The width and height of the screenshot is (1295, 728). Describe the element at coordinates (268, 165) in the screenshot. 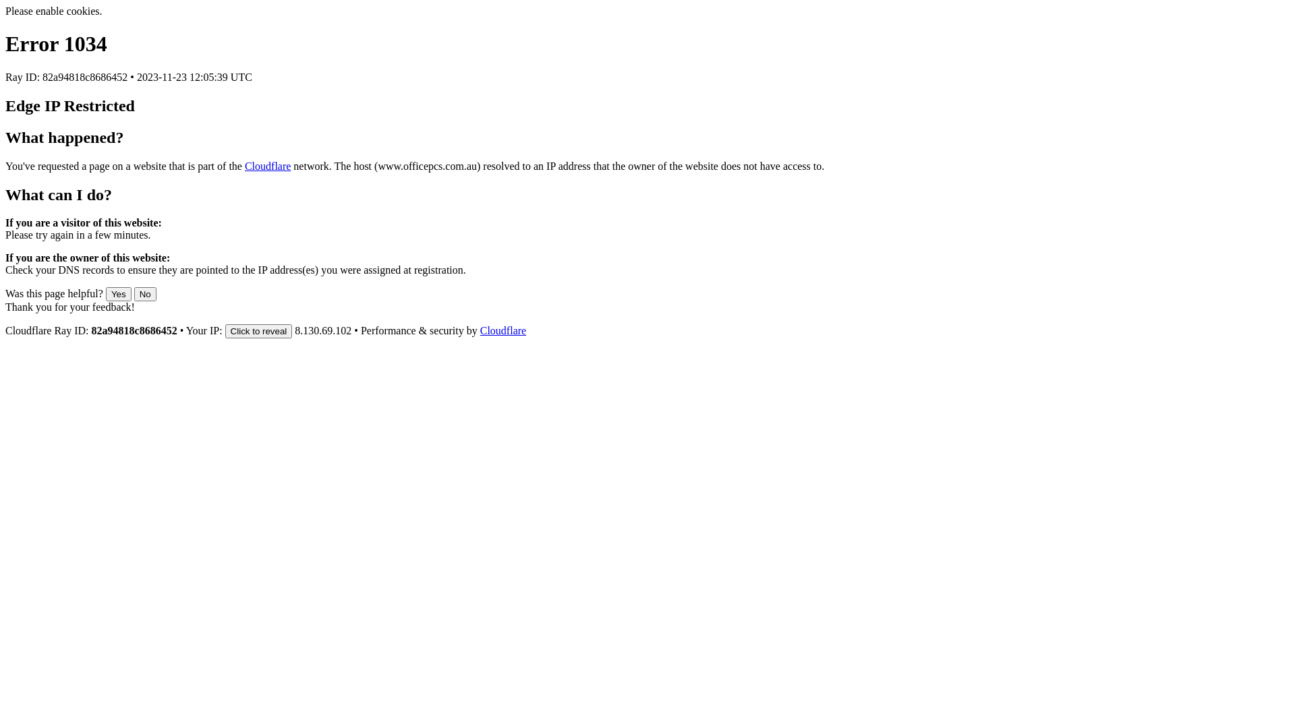

I see `'Cloudflare'` at that location.